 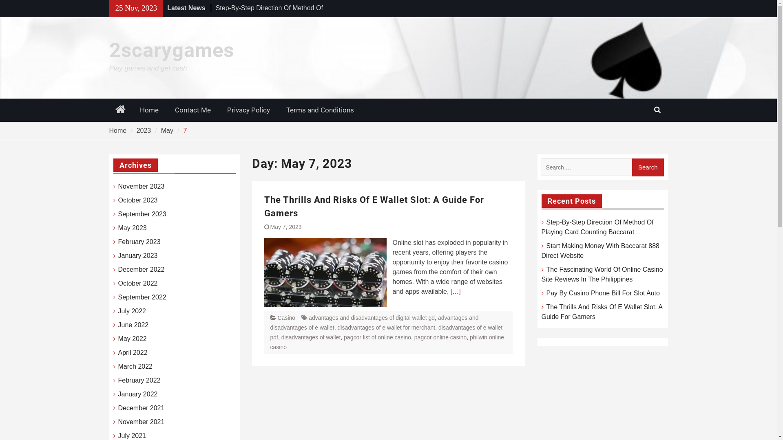 What do you see at coordinates (270, 227) in the screenshot?
I see `'May 7, 2023'` at bounding box center [270, 227].